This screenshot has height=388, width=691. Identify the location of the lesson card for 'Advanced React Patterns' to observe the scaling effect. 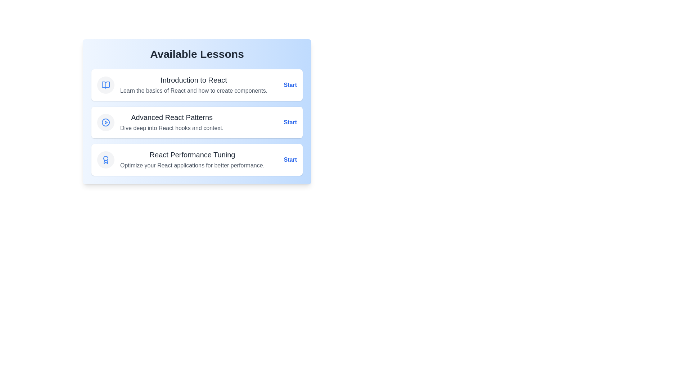
(197, 122).